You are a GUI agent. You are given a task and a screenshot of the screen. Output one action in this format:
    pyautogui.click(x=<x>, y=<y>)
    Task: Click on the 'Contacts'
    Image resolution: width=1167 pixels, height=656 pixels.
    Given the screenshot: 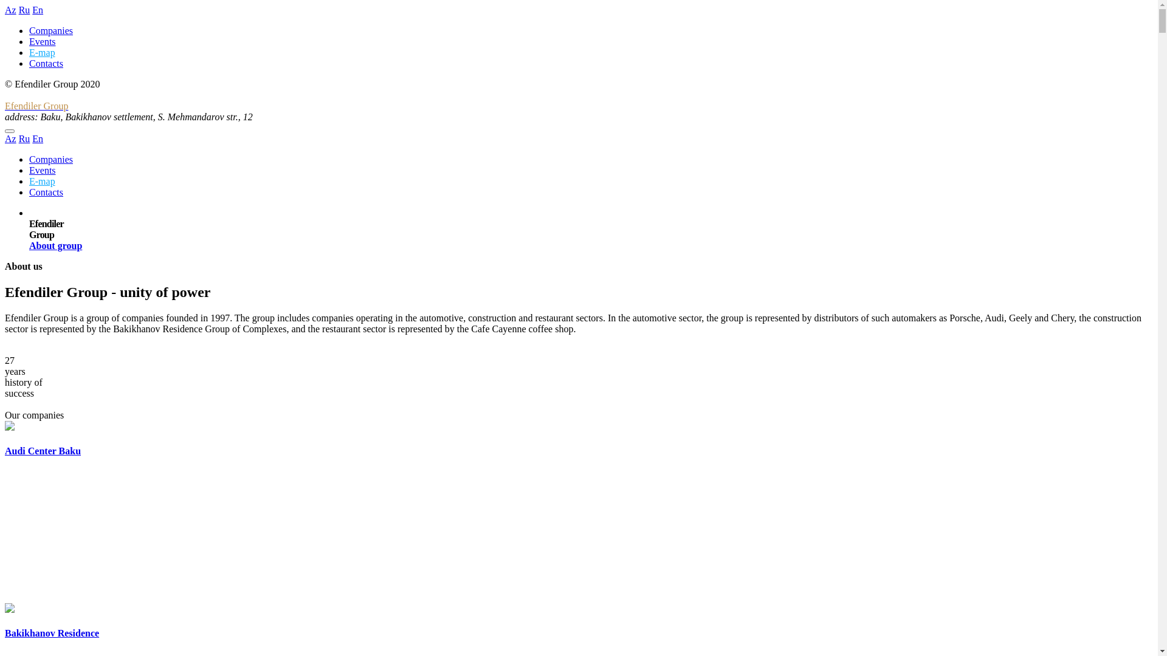 What is the action you would take?
    pyautogui.click(x=46, y=63)
    